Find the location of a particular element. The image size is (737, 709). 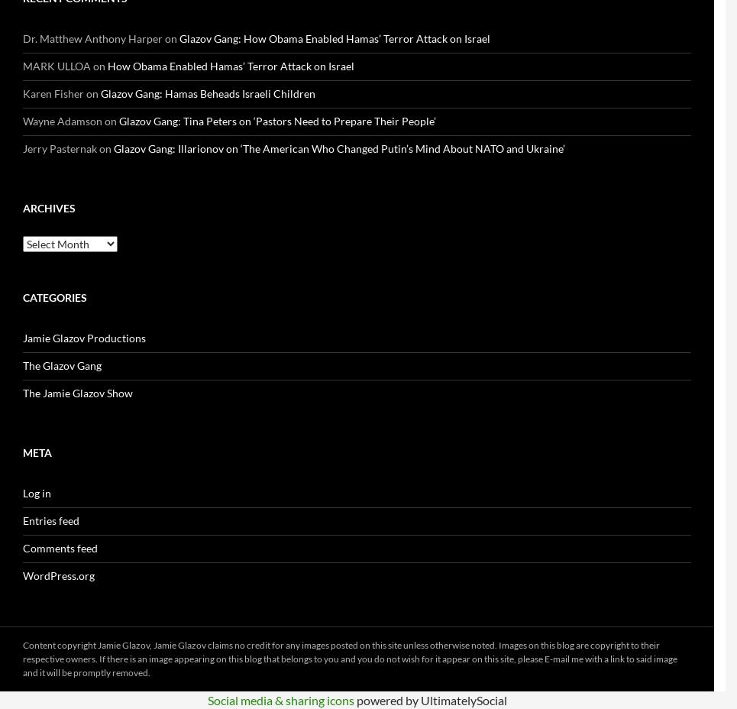

'Categories' is located at coordinates (54, 297).